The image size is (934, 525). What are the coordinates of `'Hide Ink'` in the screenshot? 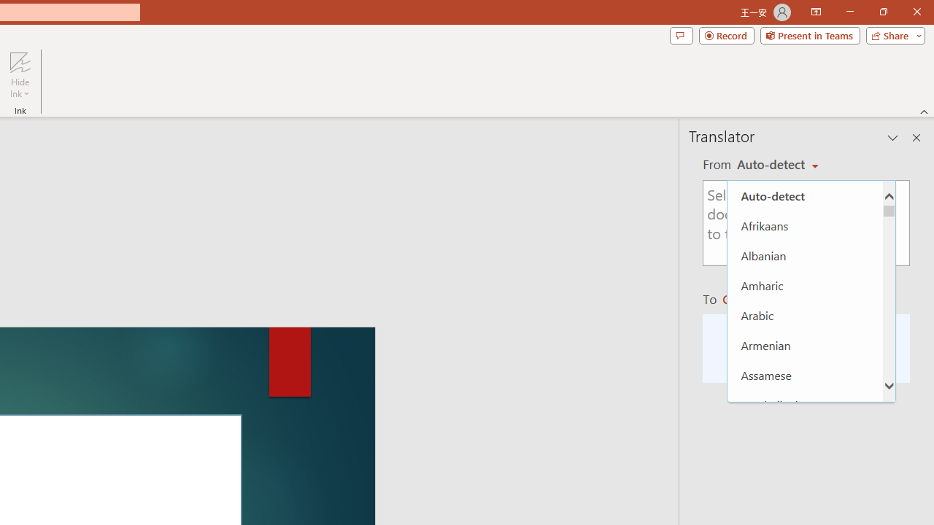 It's located at (20, 75).